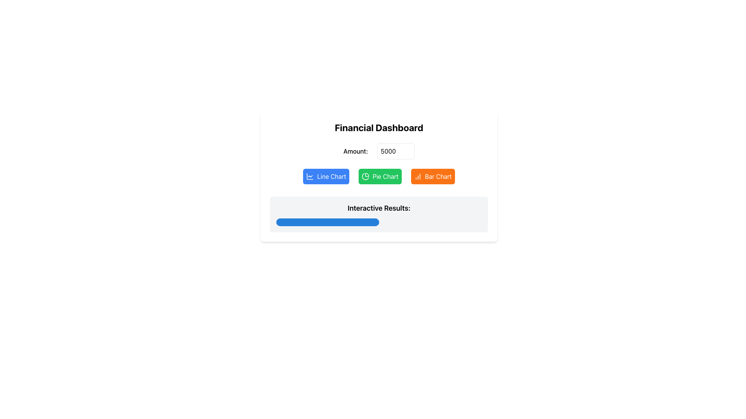  Describe the element at coordinates (432, 177) in the screenshot. I see `the button on the right side of the 'Pie Chart' button` at that location.